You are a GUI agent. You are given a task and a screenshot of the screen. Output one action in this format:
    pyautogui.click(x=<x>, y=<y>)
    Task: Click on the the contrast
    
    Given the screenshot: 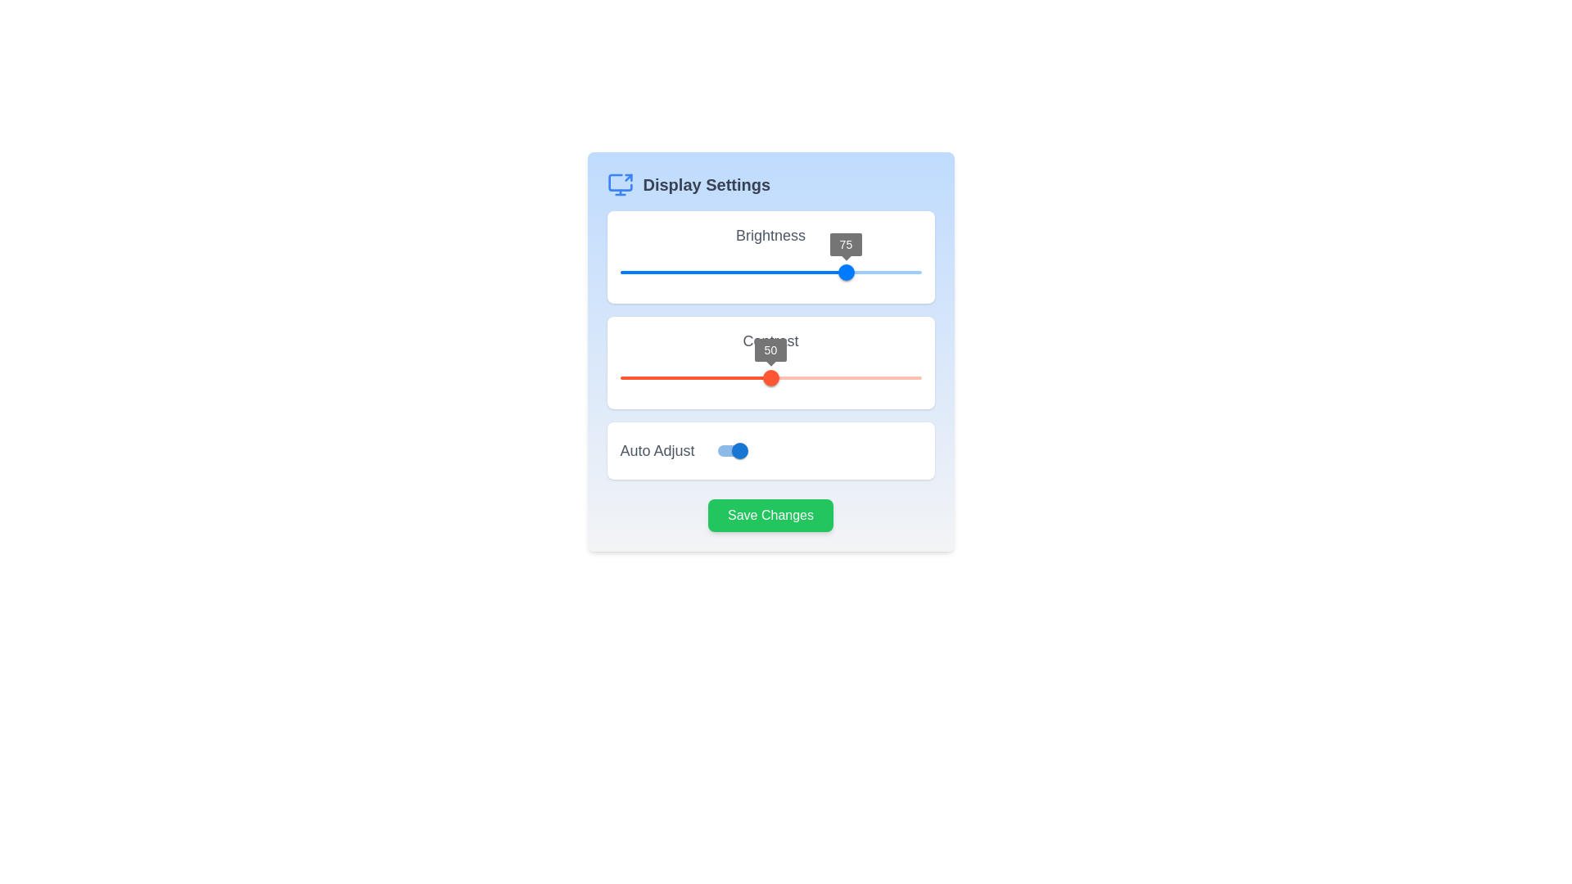 What is the action you would take?
    pyautogui.click(x=761, y=378)
    